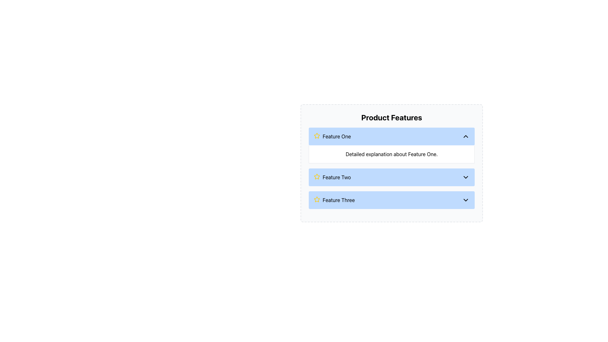 The image size is (608, 342). I want to click on the downward-pointing chevron icon located at the far-right of the 'Feature Two' section, so click(465, 177).